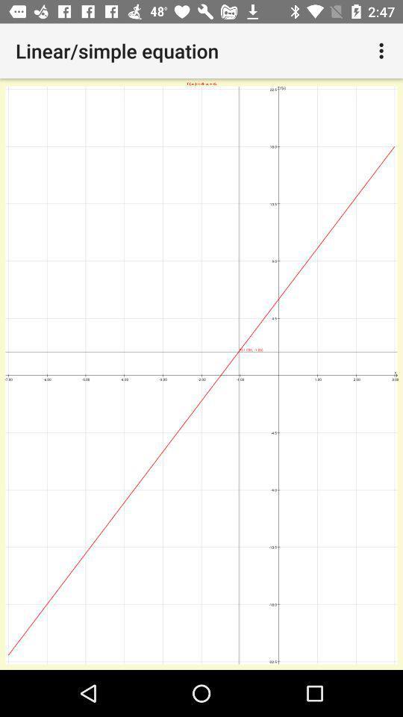 This screenshot has width=403, height=717. What do you see at coordinates (383, 51) in the screenshot?
I see `the icon next to linear/simple equation icon` at bounding box center [383, 51].